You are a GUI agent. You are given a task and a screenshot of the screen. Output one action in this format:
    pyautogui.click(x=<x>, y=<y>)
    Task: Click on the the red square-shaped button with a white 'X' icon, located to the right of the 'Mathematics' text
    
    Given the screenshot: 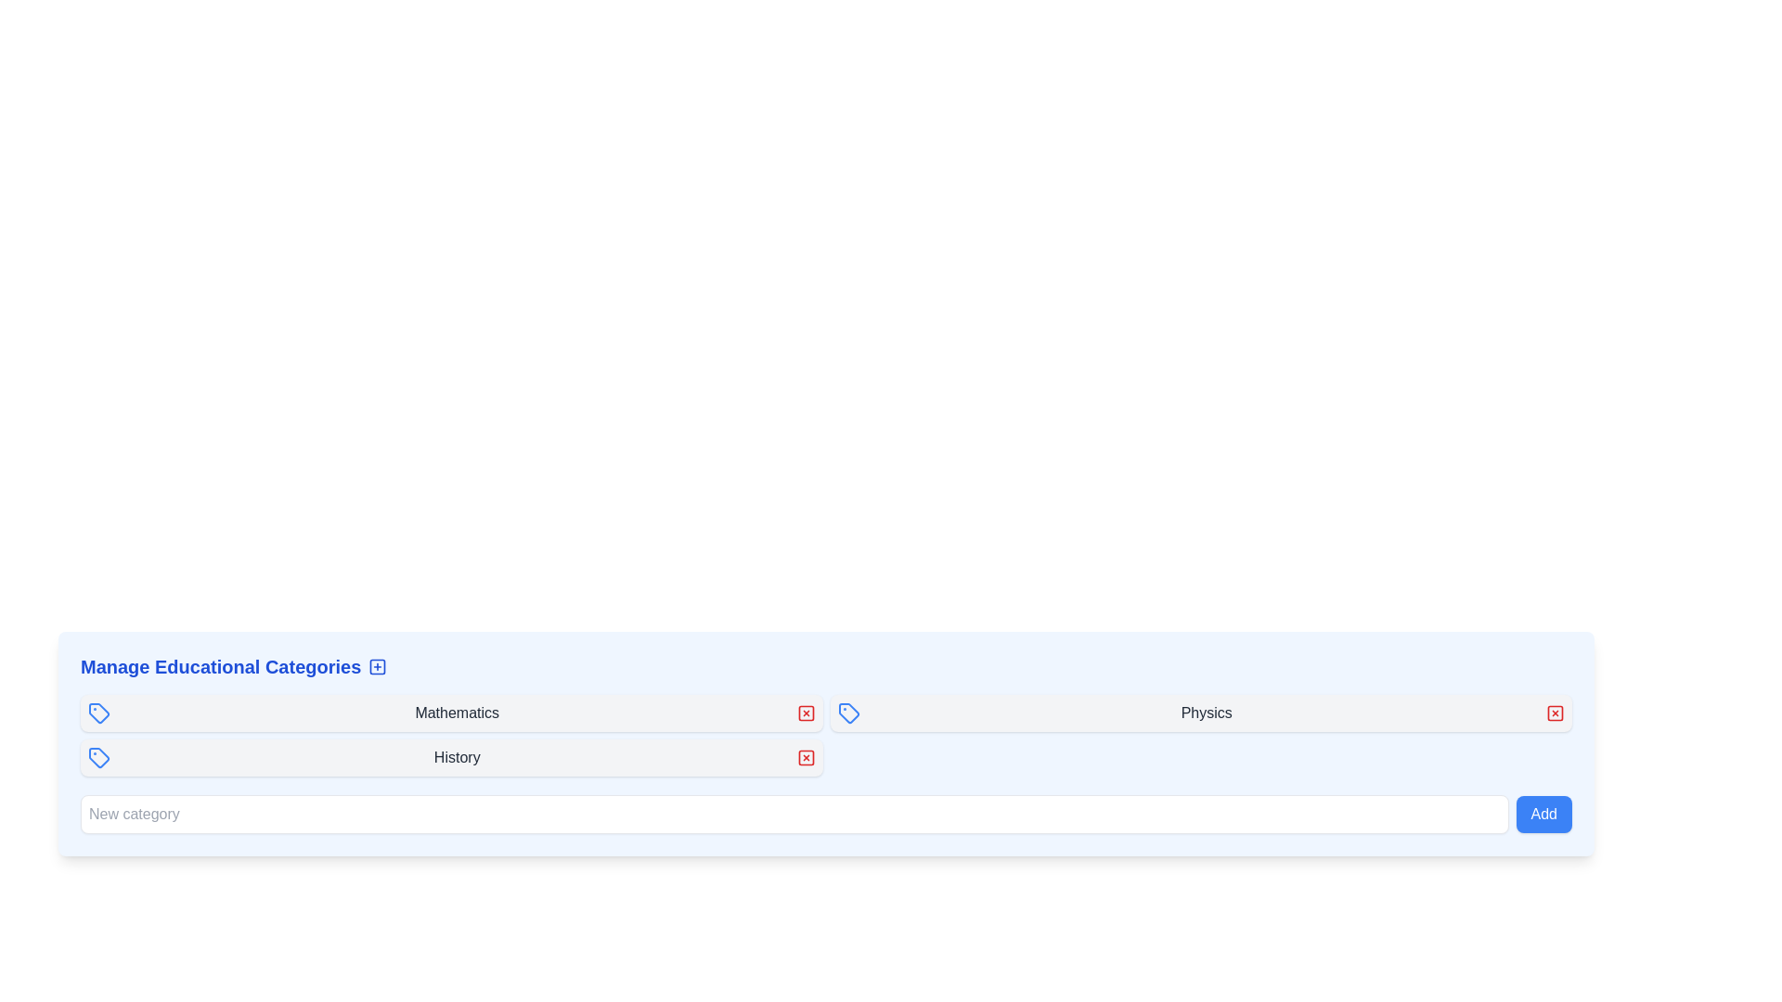 What is the action you would take?
    pyautogui.click(x=806, y=712)
    